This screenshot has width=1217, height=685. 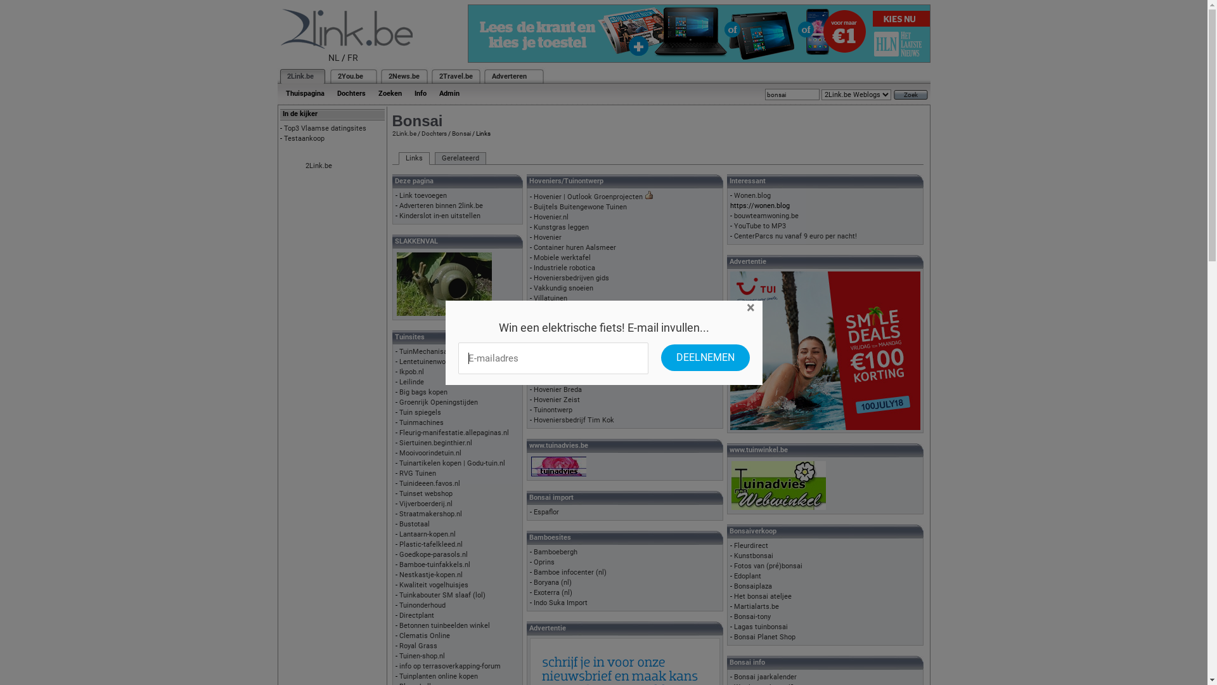 What do you see at coordinates (299, 76) in the screenshot?
I see `'2Link.be'` at bounding box center [299, 76].